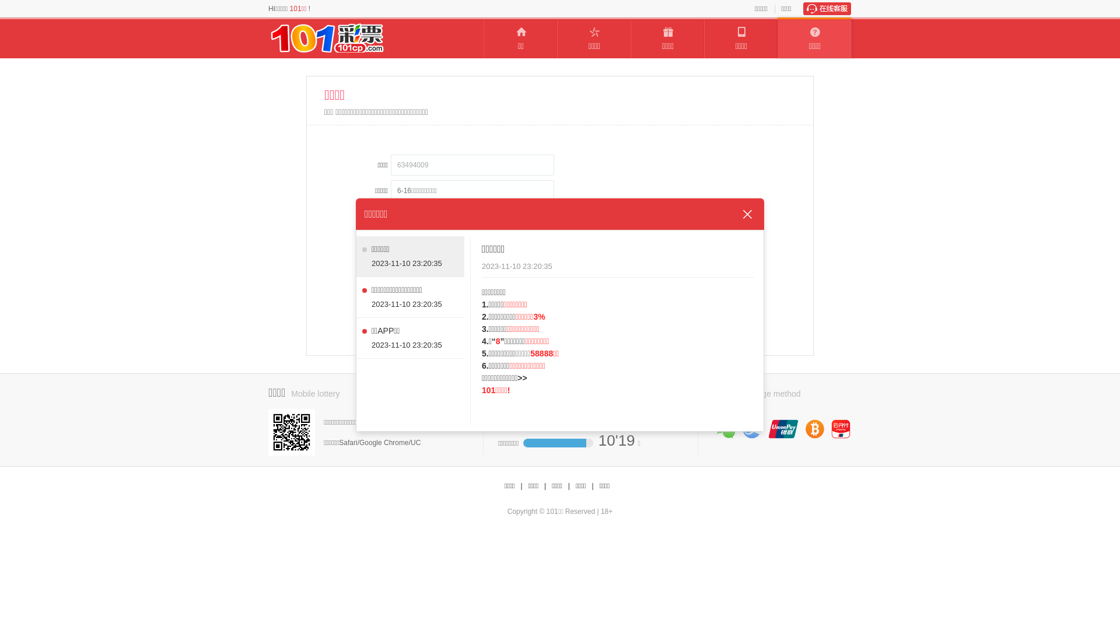  Describe the element at coordinates (520, 486) in the screenshot. I see `'|'` at that location.